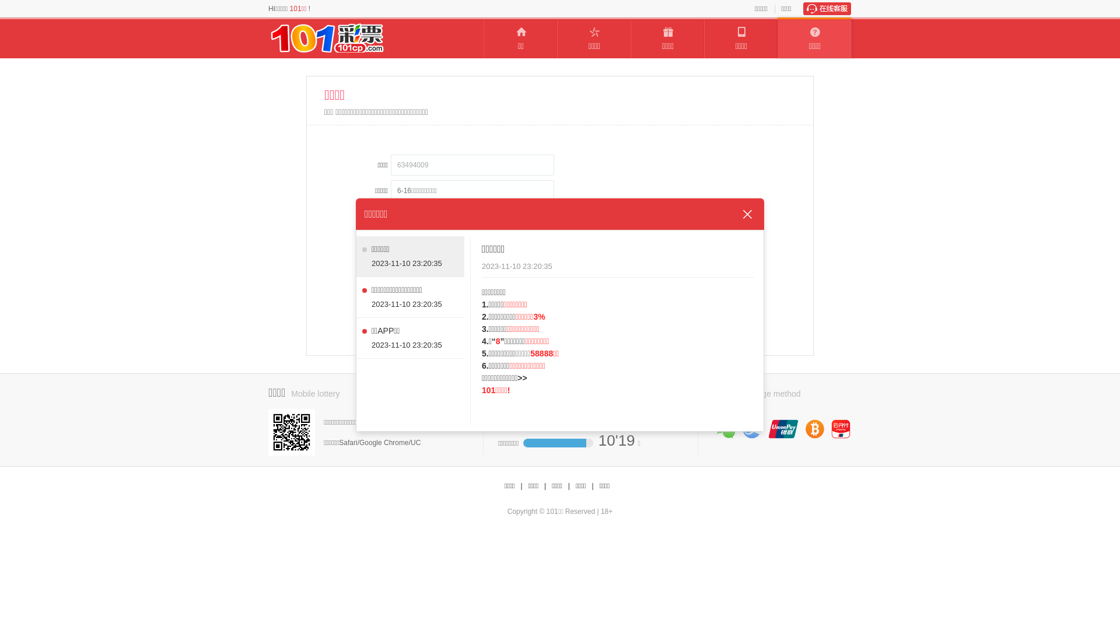  Describe the element at coordinates (520, 486) in the screenshot. I see `'|'` at that location.